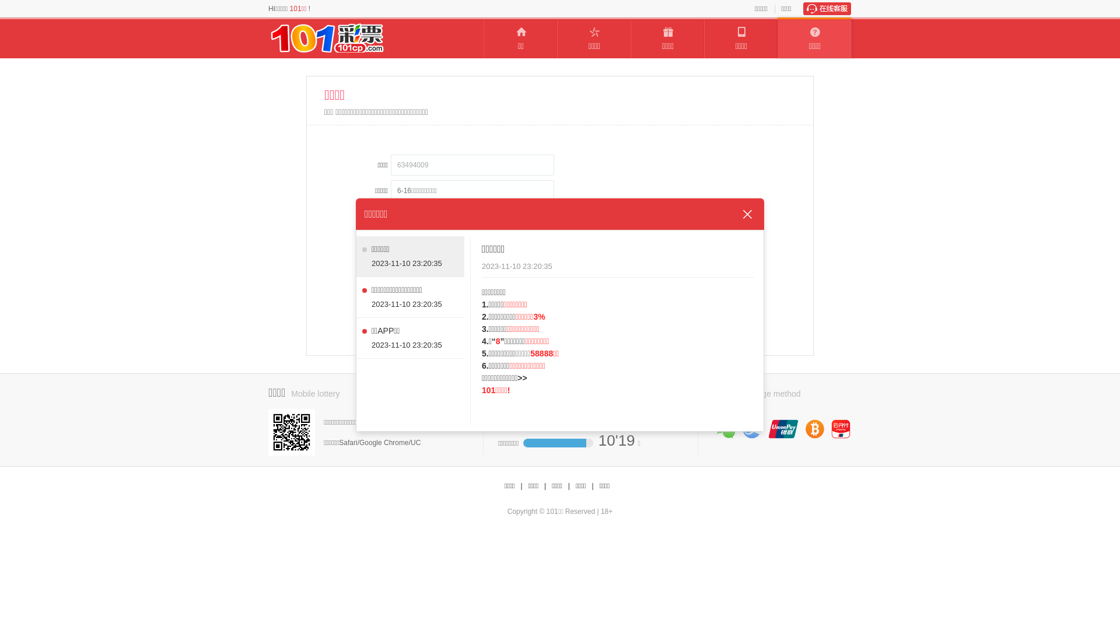  Describe the element at coordinates (520, 486) in the screenshot. I see `'|'` at that location.